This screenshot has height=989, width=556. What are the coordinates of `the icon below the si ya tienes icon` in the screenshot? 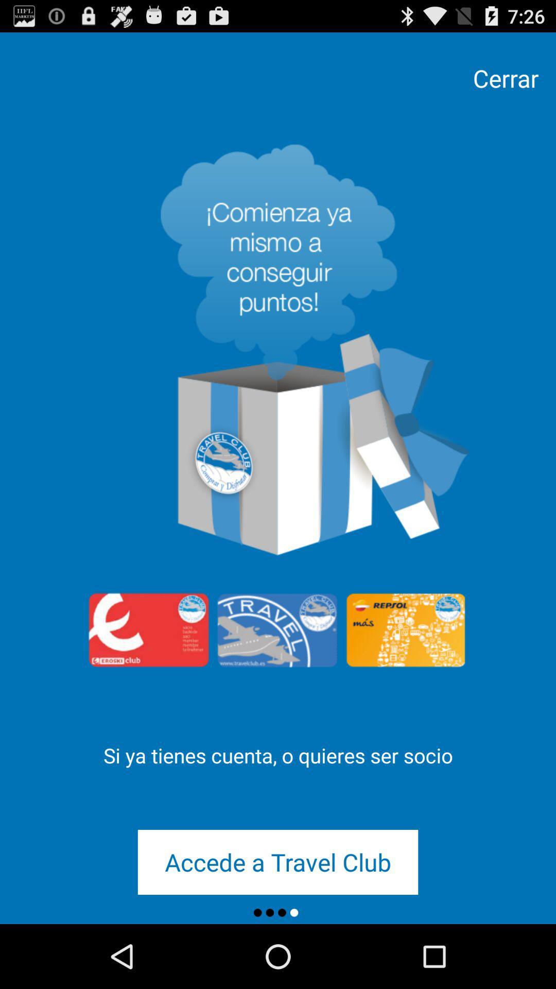 It's located at (278, 862).